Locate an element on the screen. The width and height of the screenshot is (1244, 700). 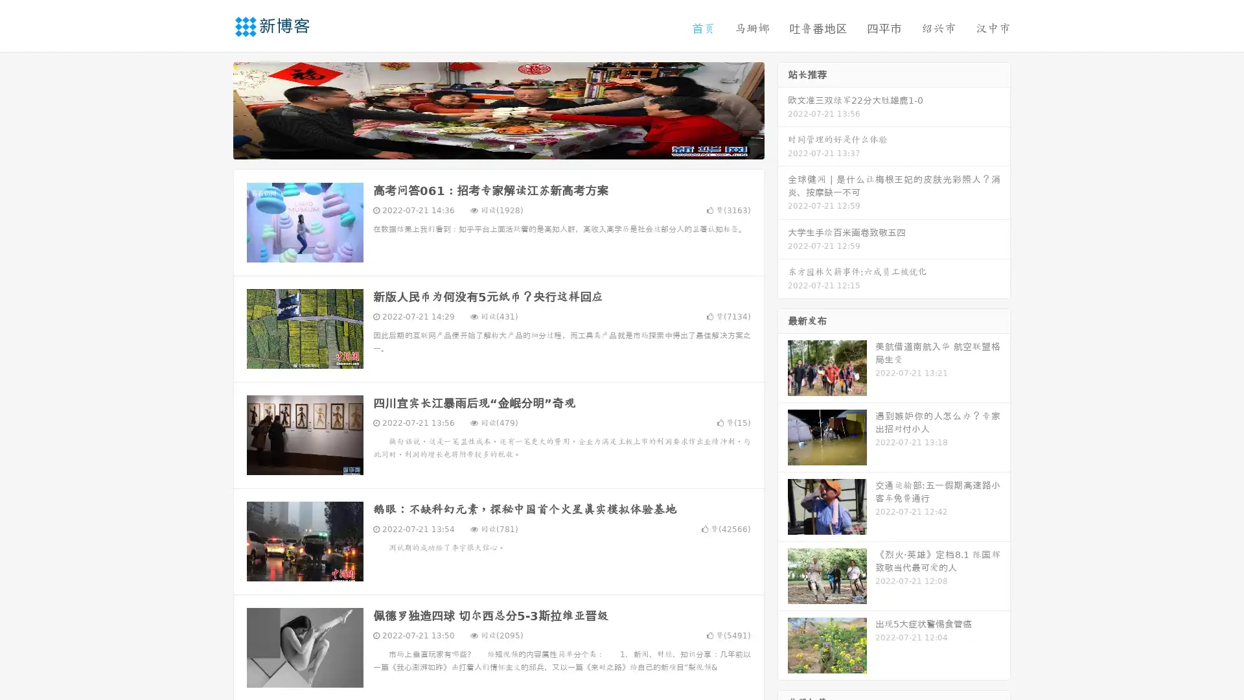
Go to slide 1 is located at coordinates (485, 146).